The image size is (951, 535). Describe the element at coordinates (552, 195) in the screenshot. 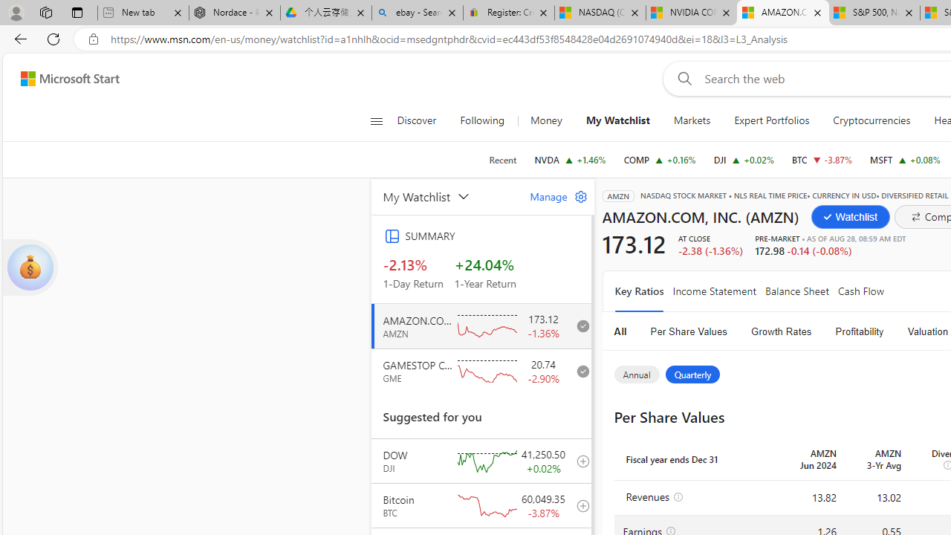

I see `'Manage'` at that location.